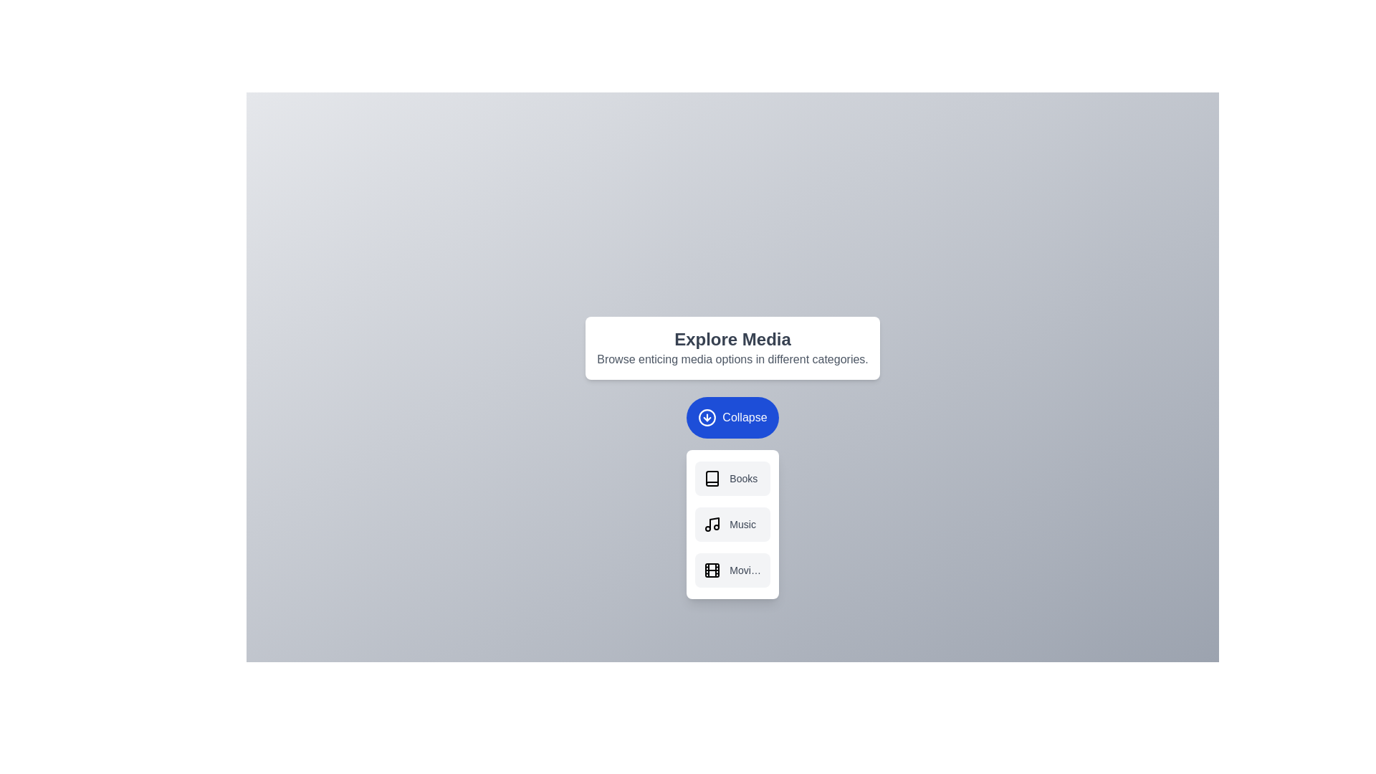  What do you see at coordinates (732, 417) in the screenshot?
I see `the 'Collapse' button to toggle the menu visibility` at bounding box center [732, 417].